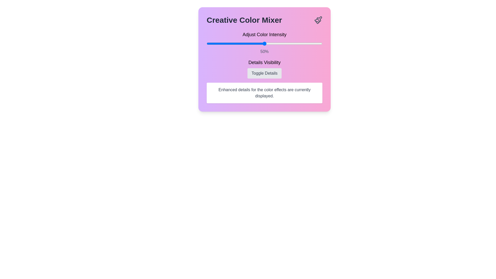 The width and height of the screenshot is (496, 279). I want to click on the color intensity, so click(220, 43).